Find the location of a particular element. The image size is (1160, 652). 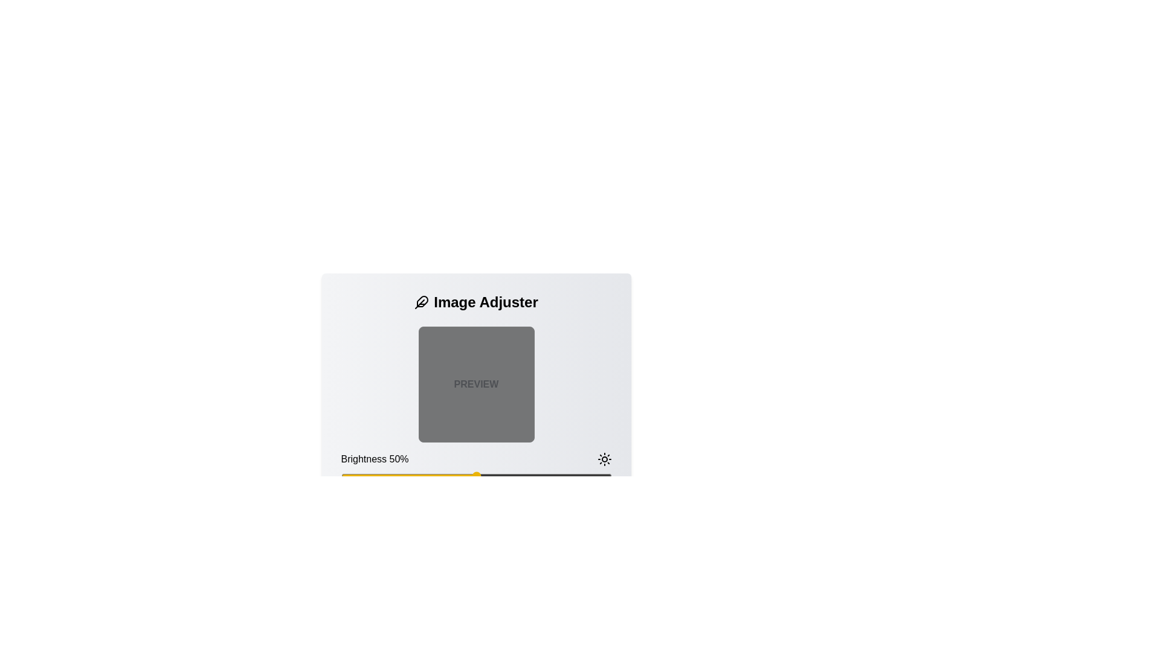

the brightness level is located at coordinates (489, 476).